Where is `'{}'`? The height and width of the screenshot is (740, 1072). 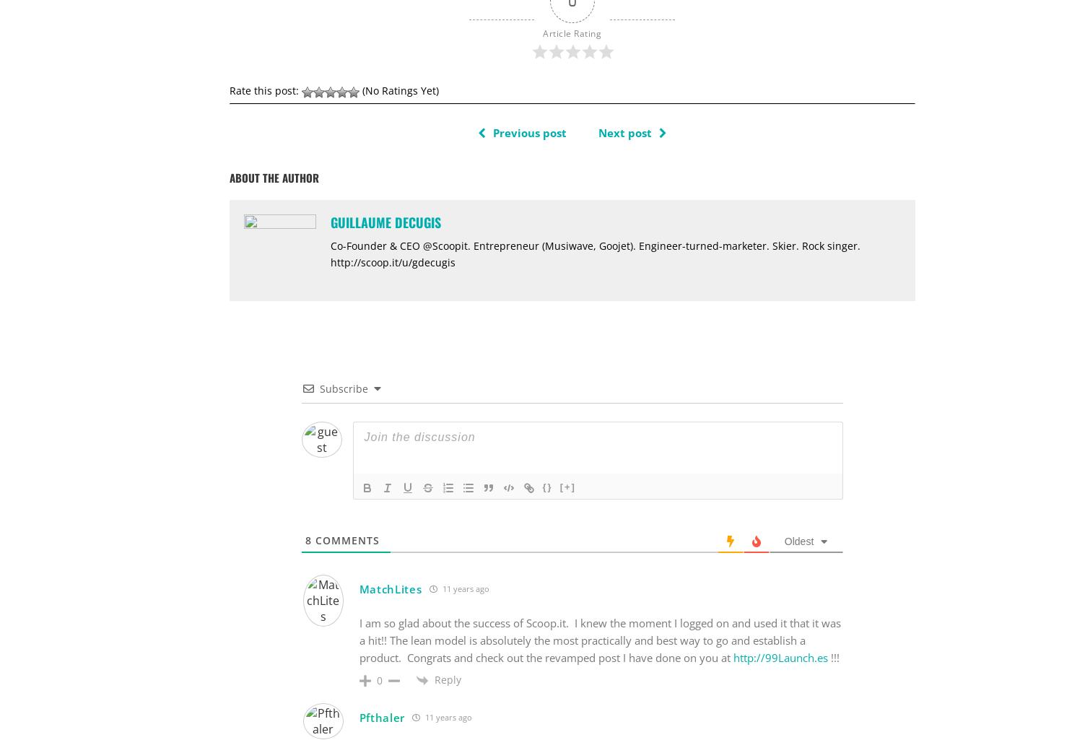 '{}' is located at coordinates (541, 486).